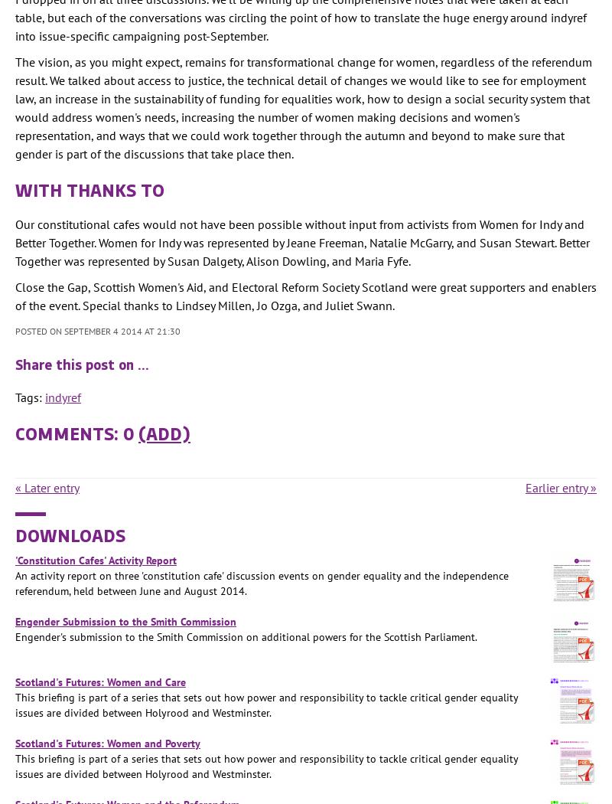  What do you see at coordinates (15, 534) in the screenshot?
I see `'Downloads'` at bounding box center [15, 534].